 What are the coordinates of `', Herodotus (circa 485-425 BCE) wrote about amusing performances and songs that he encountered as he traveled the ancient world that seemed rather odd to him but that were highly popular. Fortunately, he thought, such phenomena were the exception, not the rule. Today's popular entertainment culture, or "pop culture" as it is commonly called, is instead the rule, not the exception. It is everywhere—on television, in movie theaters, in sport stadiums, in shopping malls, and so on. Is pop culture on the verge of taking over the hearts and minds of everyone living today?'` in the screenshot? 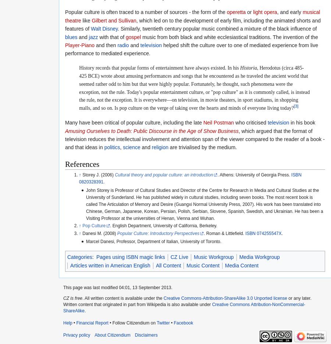 It's located at (194, 88).